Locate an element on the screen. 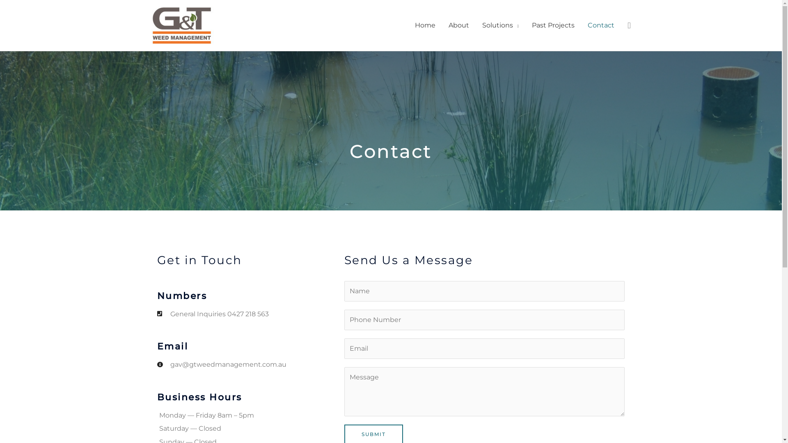 The width and height of the screenshot is (788, 443). 'Contact' is located at coordinates (601, 25).